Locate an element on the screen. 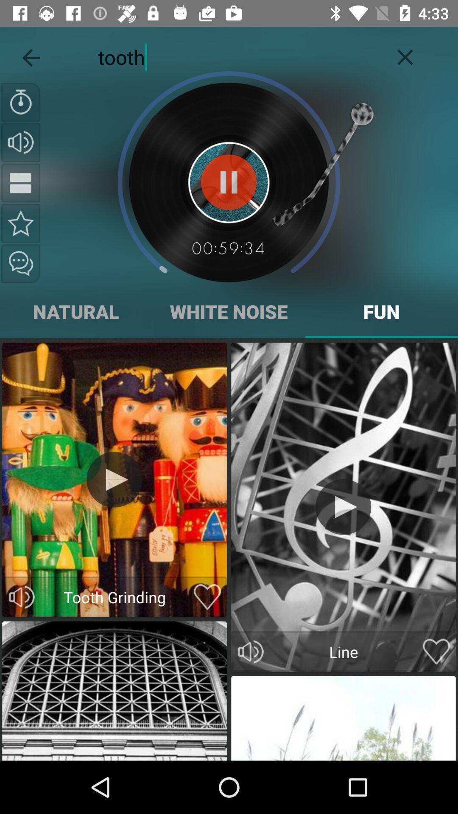  like the audio is located at coordinates (207, 597).